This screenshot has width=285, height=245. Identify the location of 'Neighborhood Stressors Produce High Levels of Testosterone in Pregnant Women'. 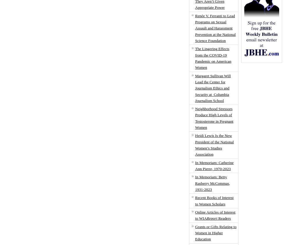
(214, 118).